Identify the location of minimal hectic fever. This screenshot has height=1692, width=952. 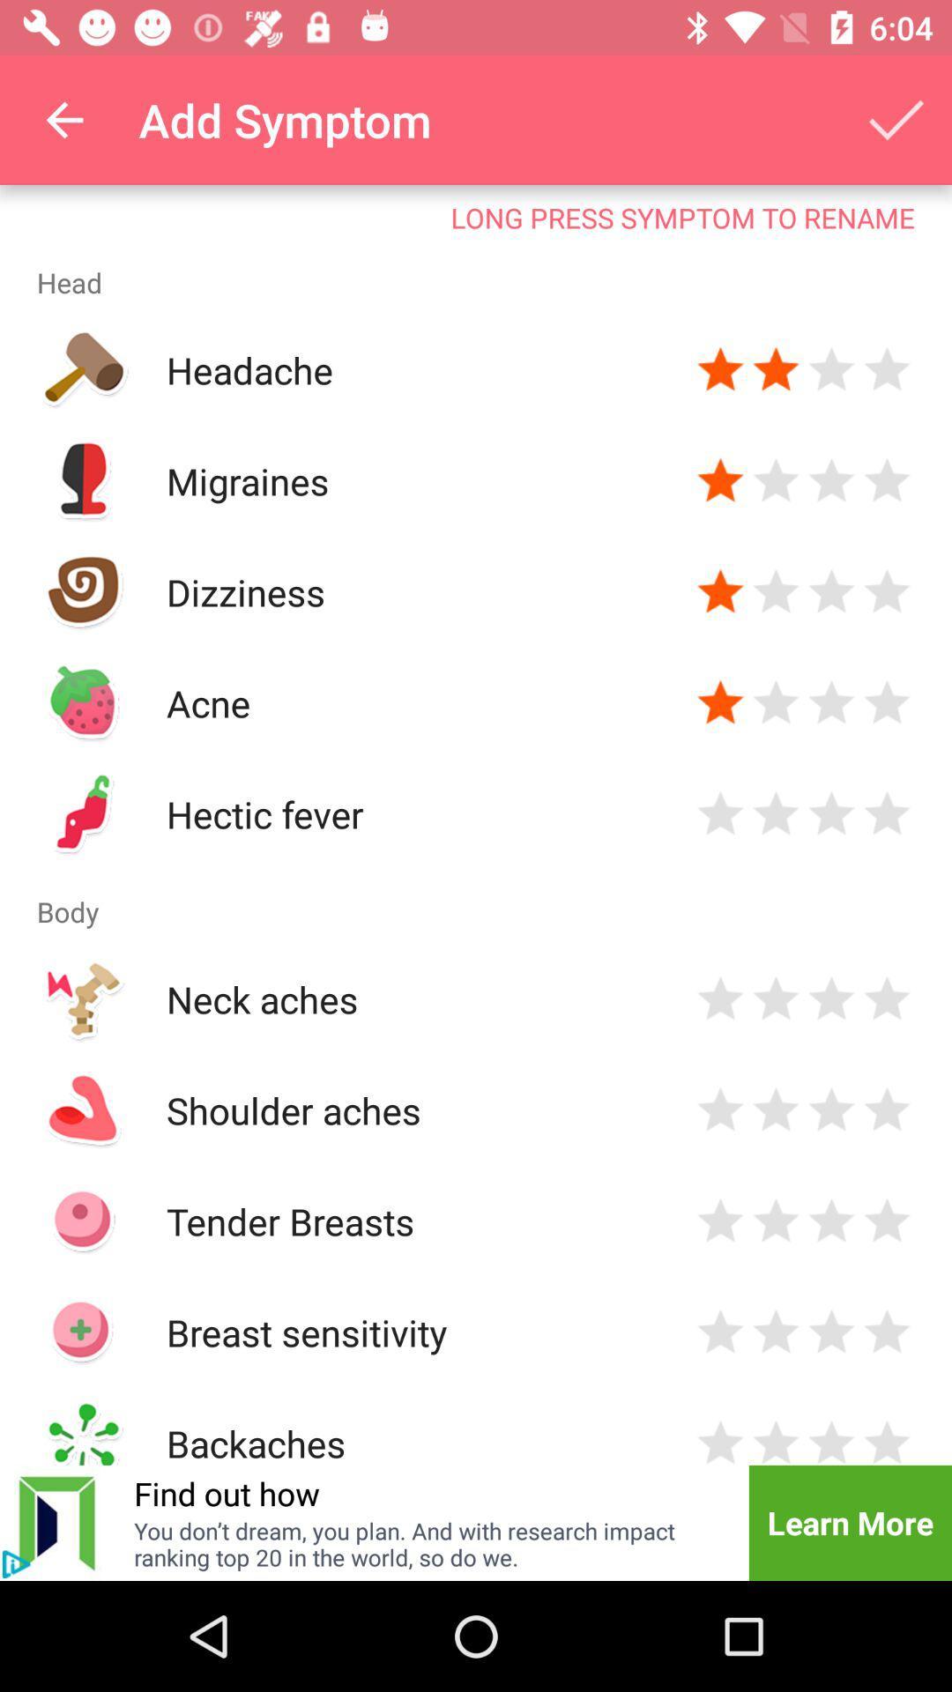
(720, 813).